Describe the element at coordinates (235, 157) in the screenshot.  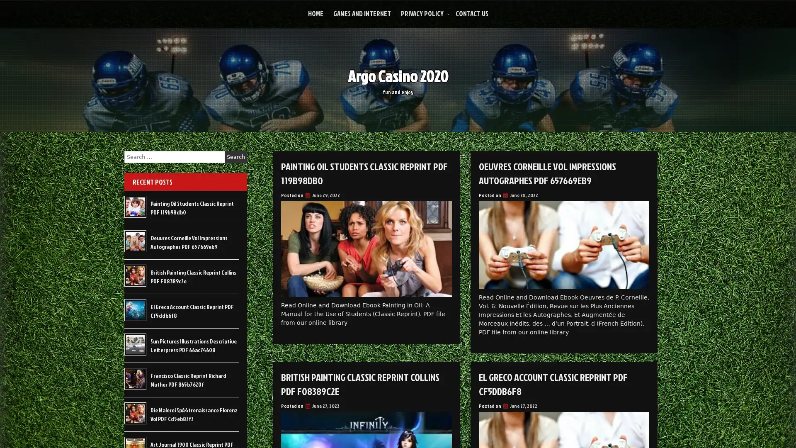
I see `Search` at that location.